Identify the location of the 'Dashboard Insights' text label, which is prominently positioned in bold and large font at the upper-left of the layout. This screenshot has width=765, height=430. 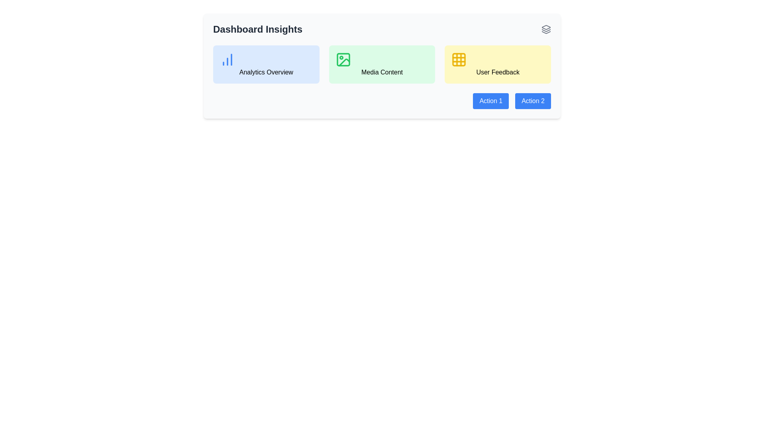
(258, 29).